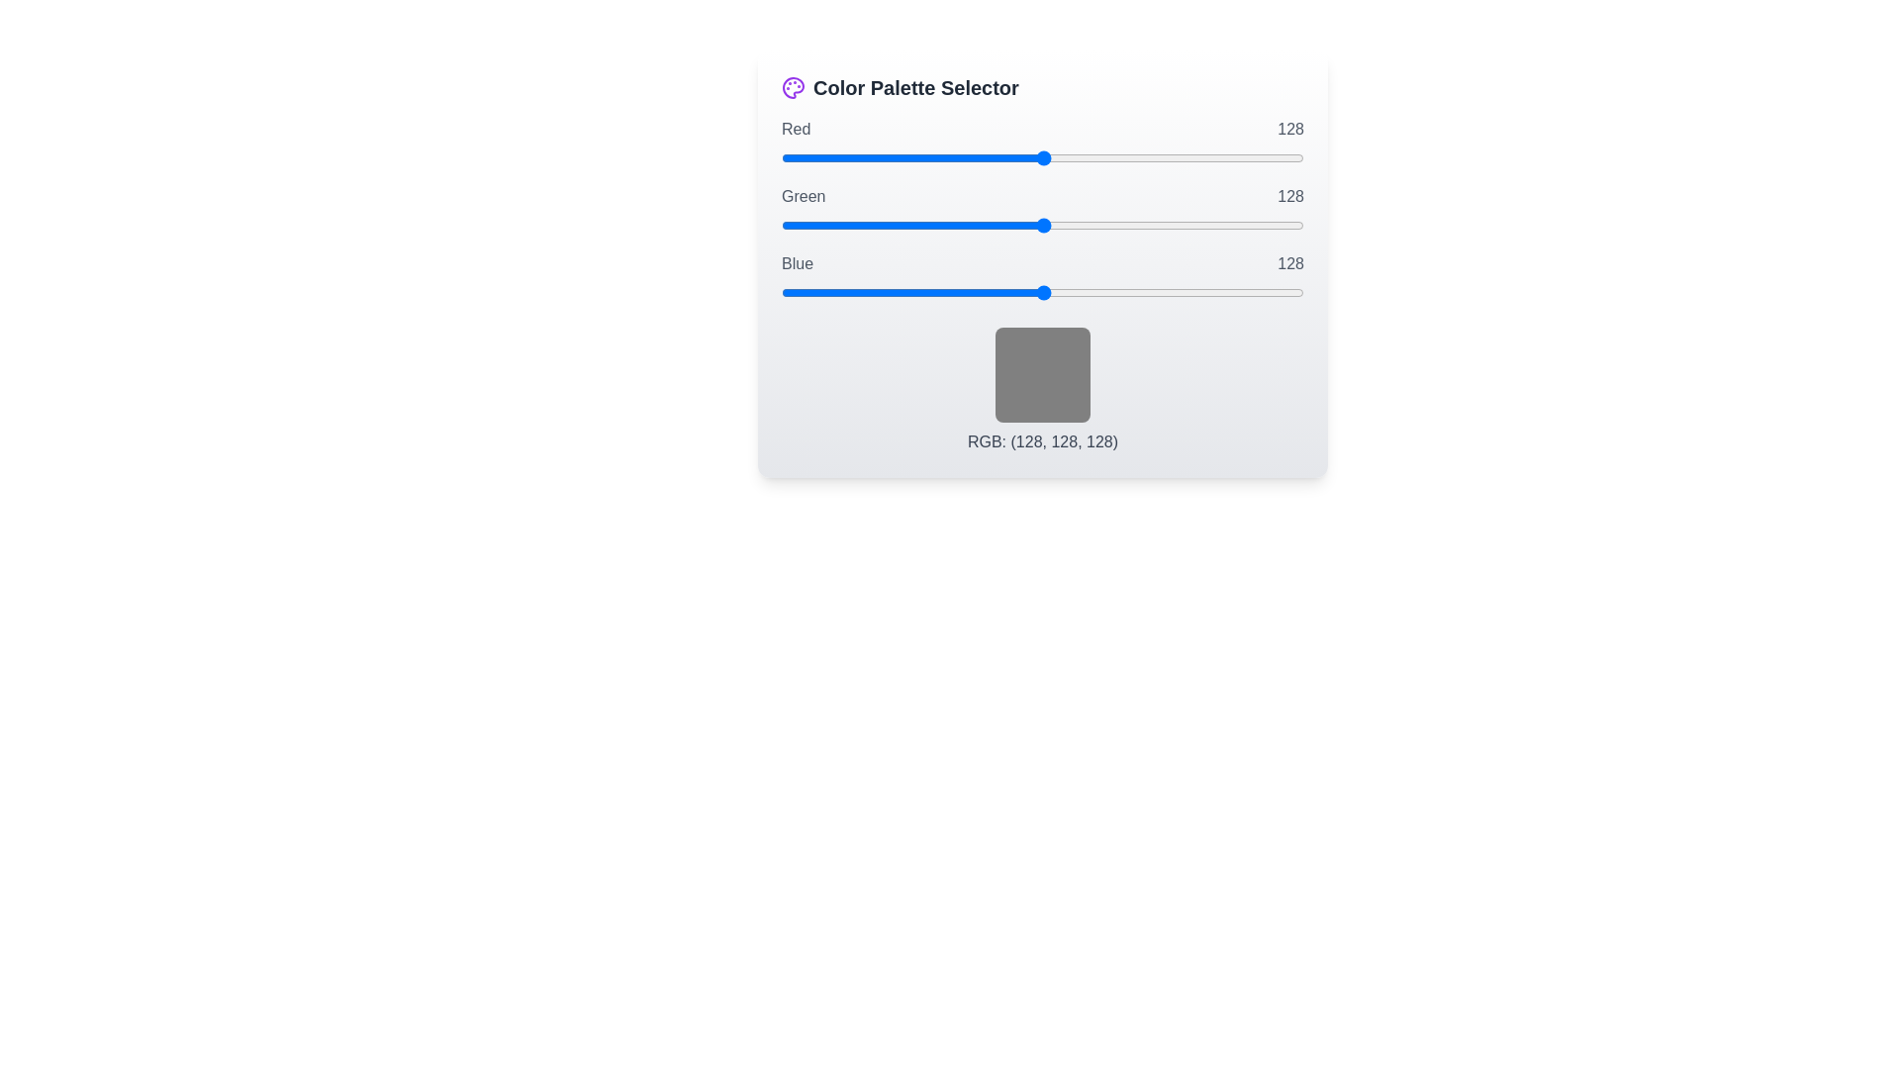  What do you see at coordinates (1042, 224) in the screenshot?
I see `the 1 slider to 147 to observe the color preview box update` at bounding box center [1042, 224].